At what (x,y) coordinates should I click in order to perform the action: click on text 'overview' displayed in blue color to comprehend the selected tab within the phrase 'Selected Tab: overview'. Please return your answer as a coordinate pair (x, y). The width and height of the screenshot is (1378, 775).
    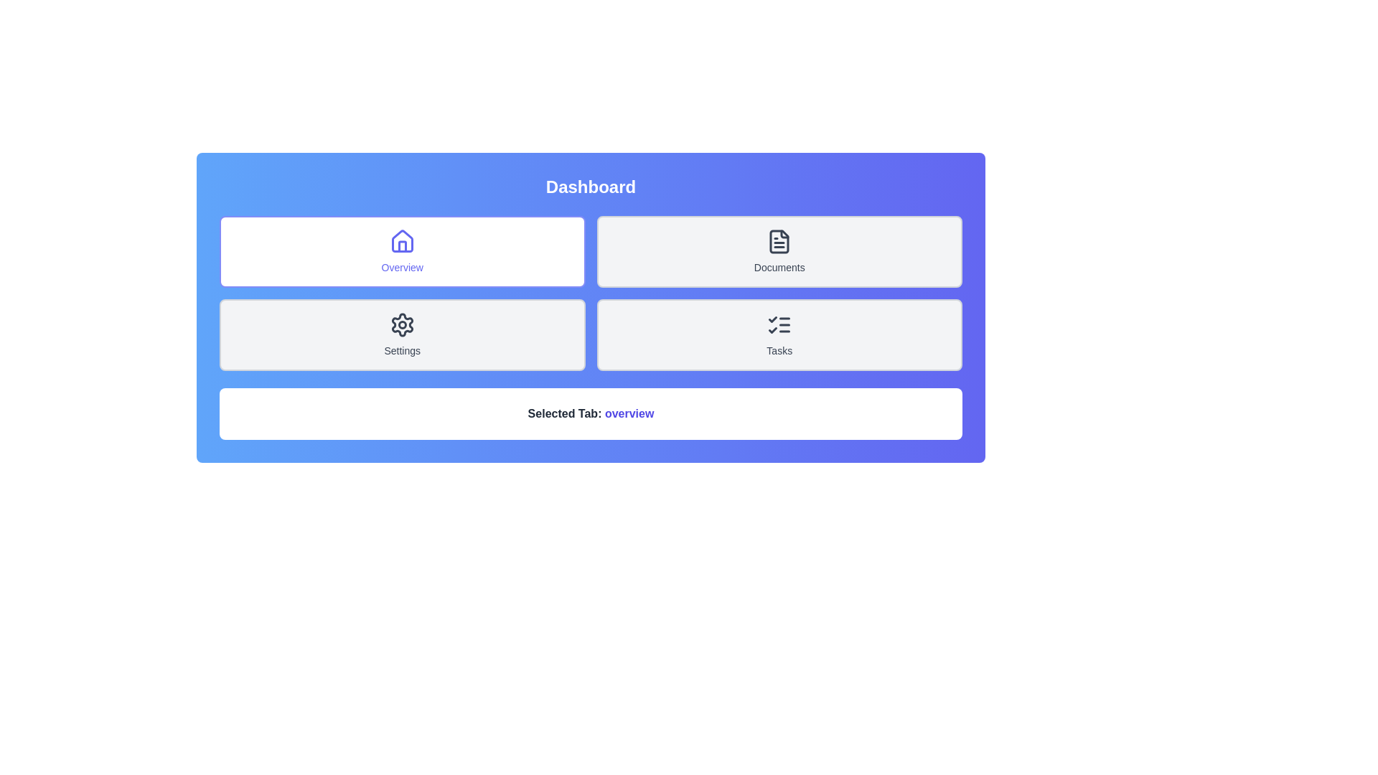
    Looking at the image, I should click on (629, 413).